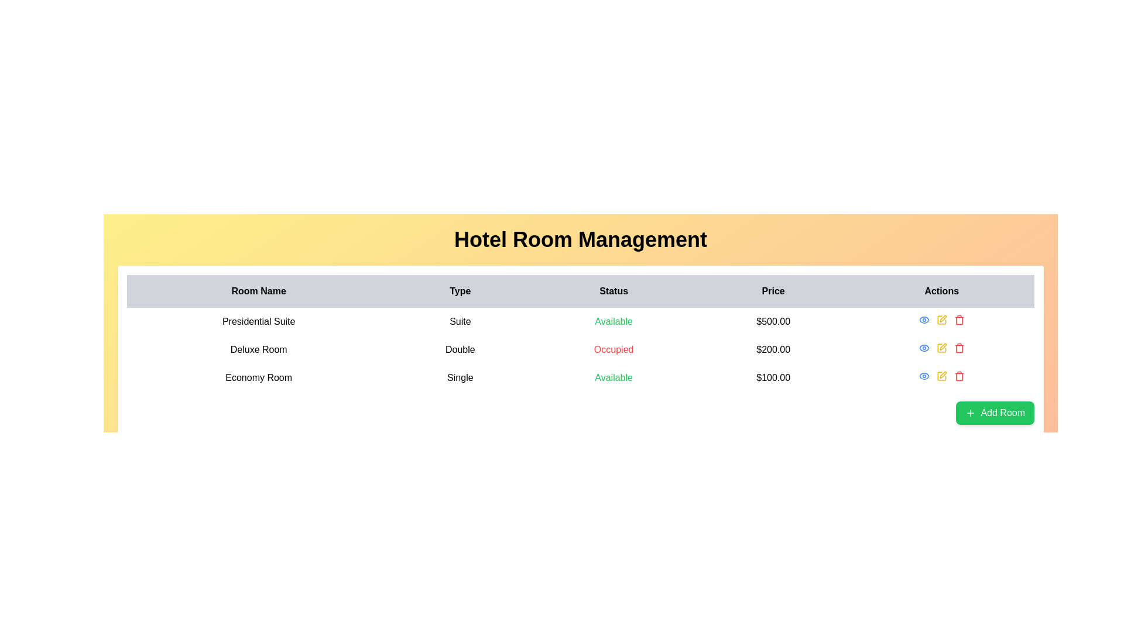  Describe the element at coordinates (773, 290) in the screenshot. I see `the 'Price' table header cell, which is the fourth column header with a light gray background and bold black text, positioned between 'Status' and 'Actions'` at that location.